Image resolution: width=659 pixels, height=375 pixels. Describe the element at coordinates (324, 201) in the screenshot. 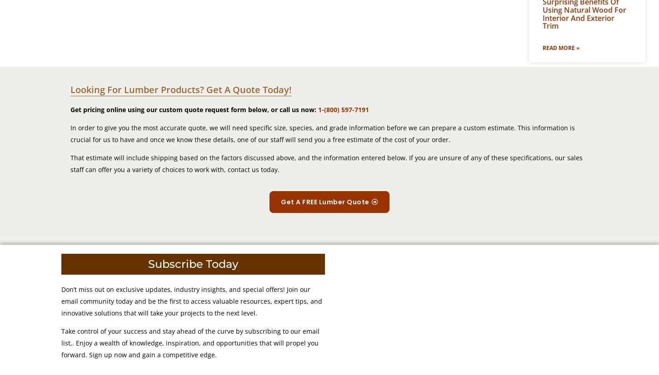

I see `'Get A FREE Lumber Quote'` at that location.